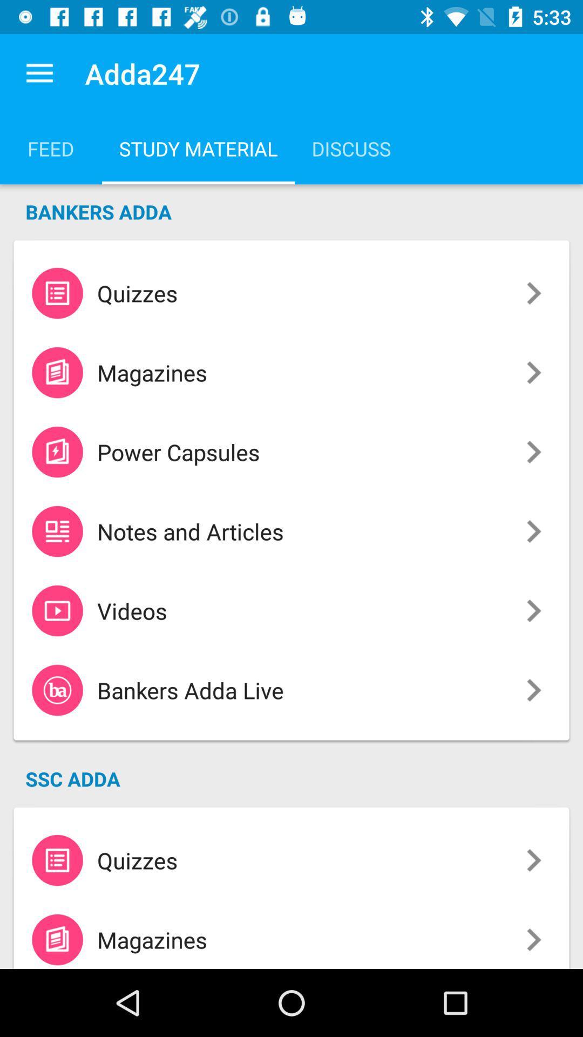 Image resolution: width=583 pixels, height=1037 pixels. What do you see at coordinates (39, 73) in the screenshot?
I see `the app next to the adda247 item` at bounding box center [39, 73].